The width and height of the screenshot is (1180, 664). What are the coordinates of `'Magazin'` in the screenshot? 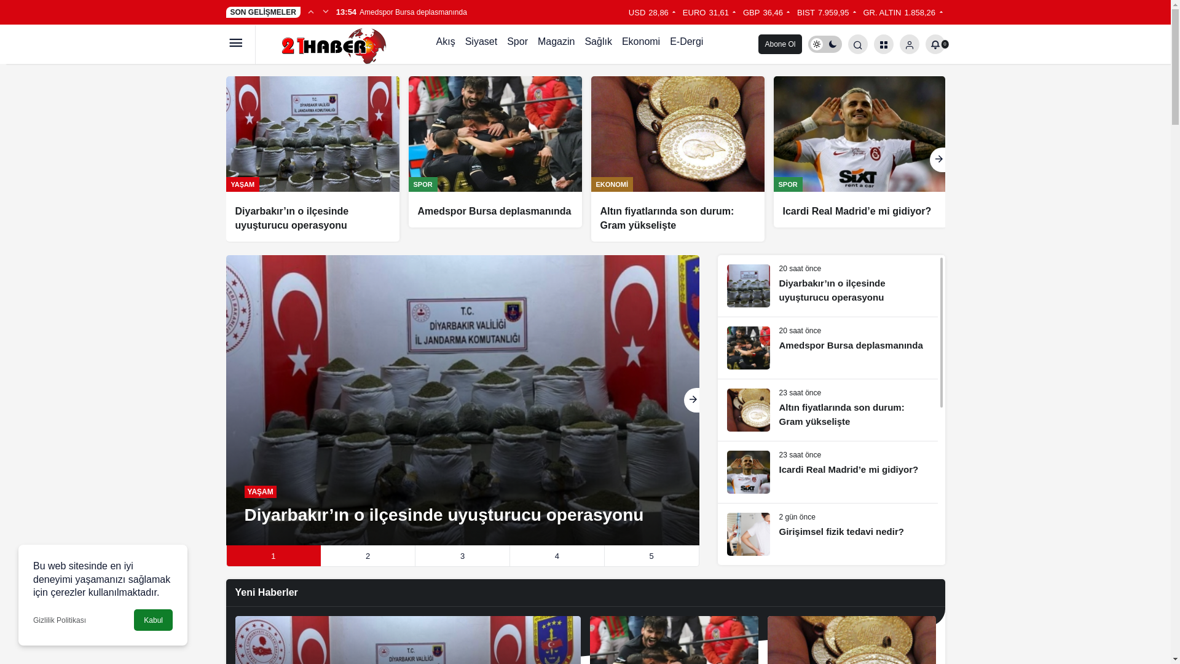 It's located at (556, 44).